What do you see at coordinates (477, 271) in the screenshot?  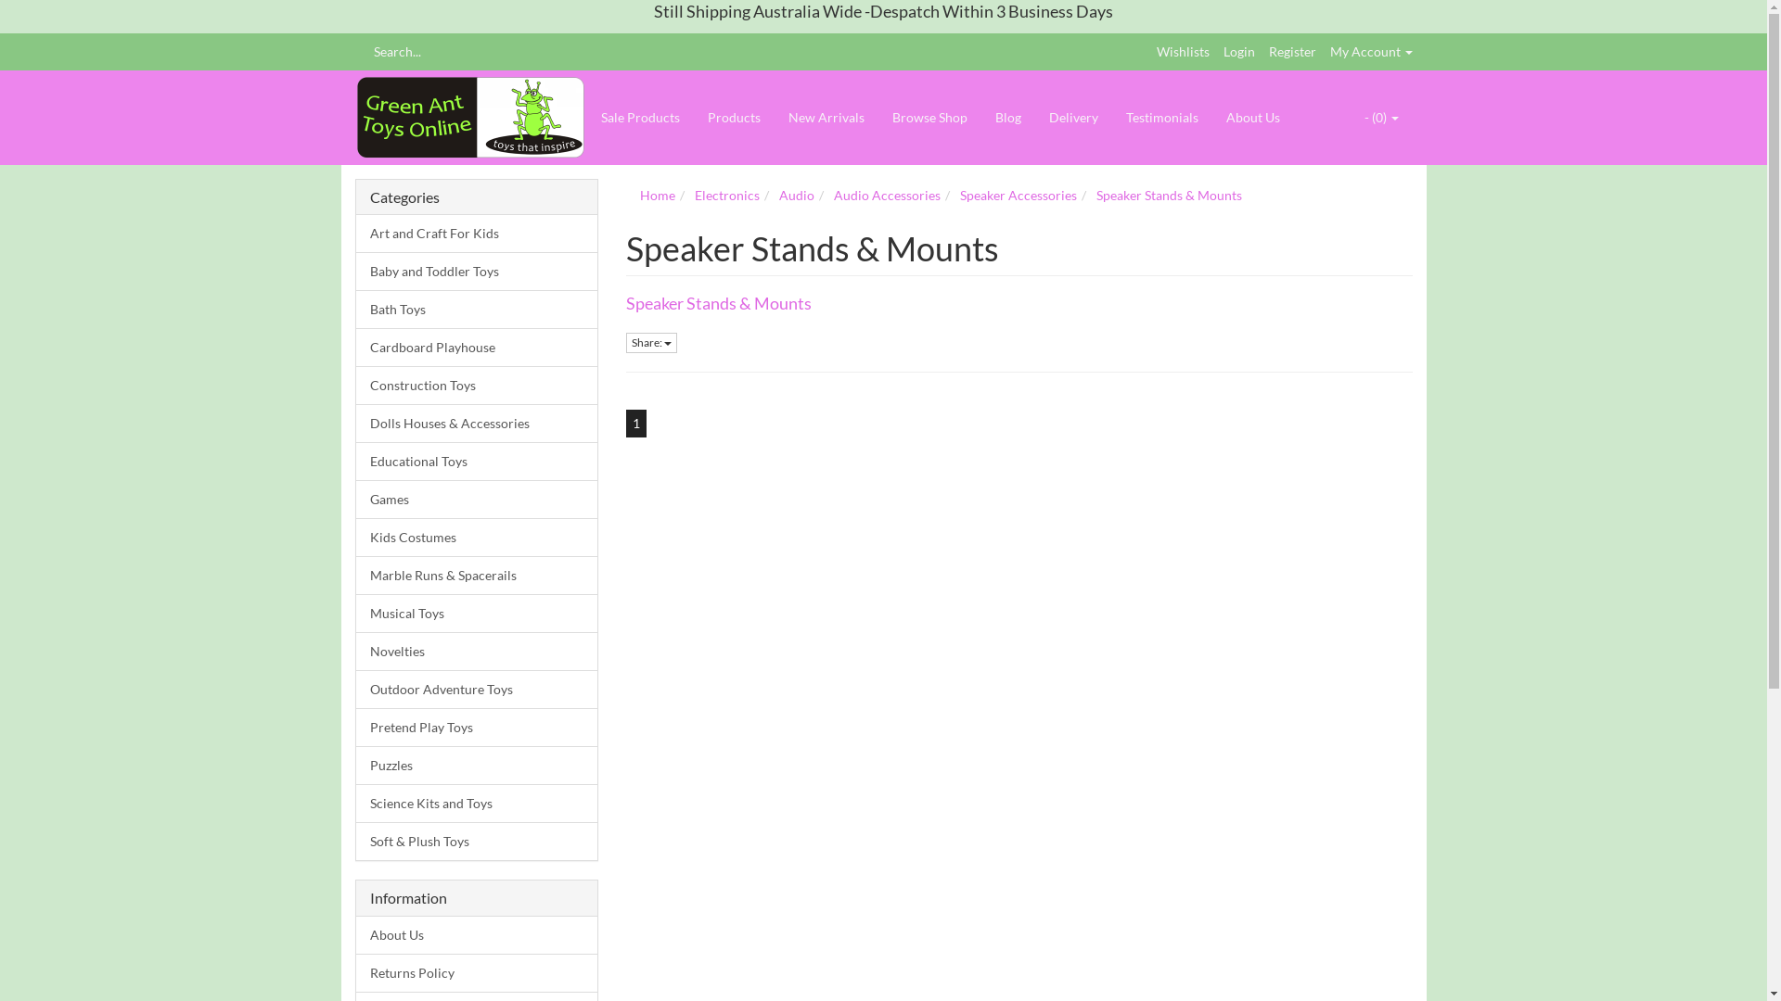 I see `'Baby and Toddler Toys'` at bounding box center [477, 271].